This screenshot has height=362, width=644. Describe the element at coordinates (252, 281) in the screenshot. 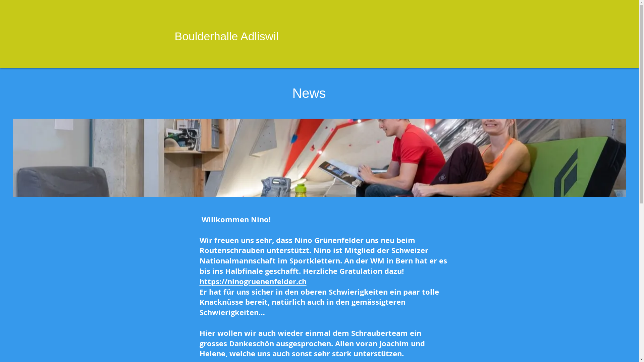

I see `'https://ninogruenenfelder.ch'` at that location.